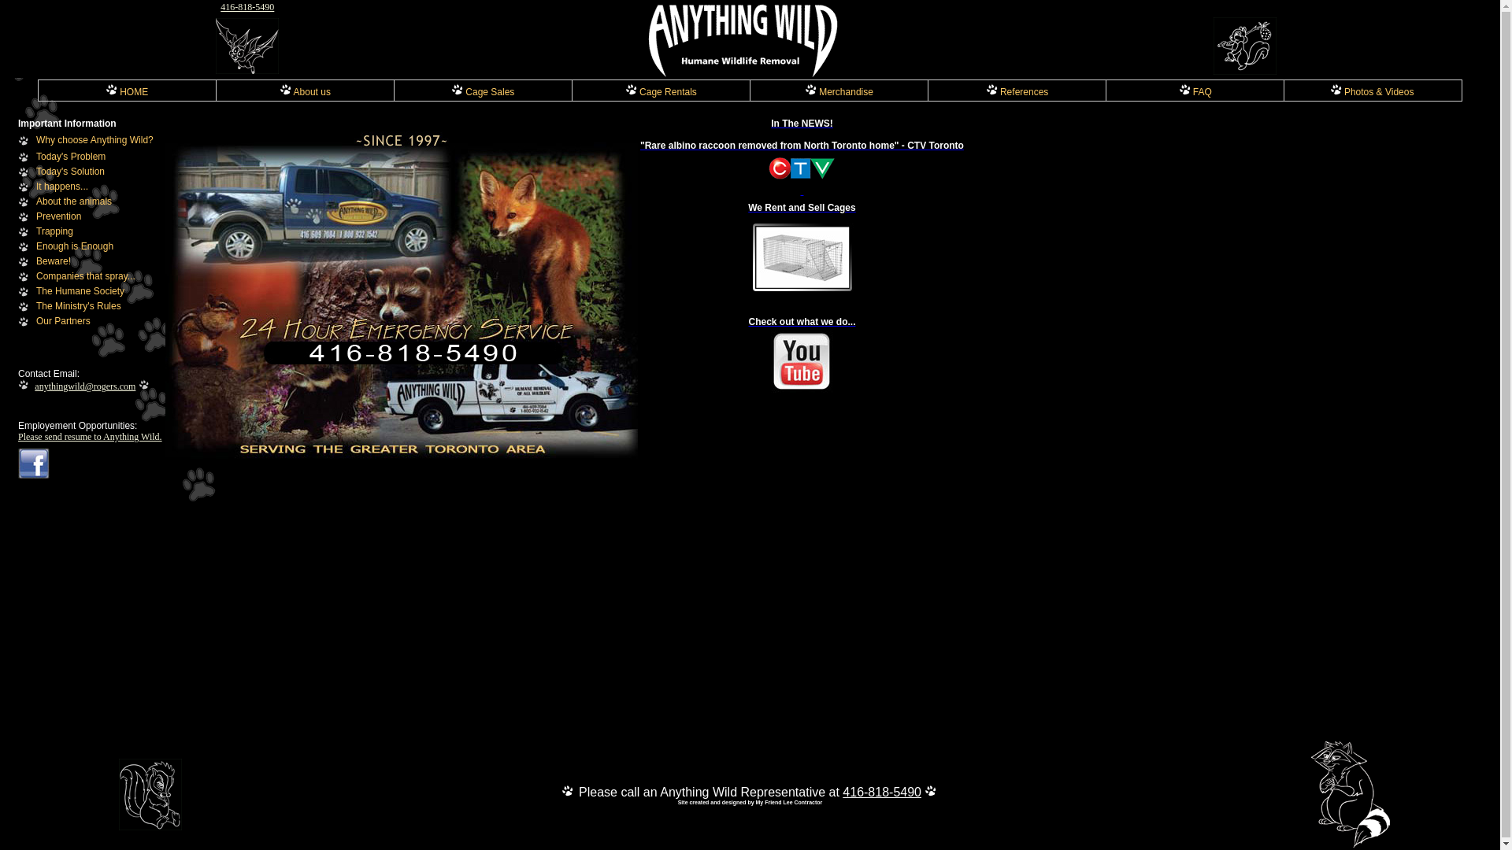 The width and height of the screenshot is (1512, 850). What do you see at coordinates (58, 216) in the screenshot?
I see `'Prevention'` at bounding box center [58, 216].